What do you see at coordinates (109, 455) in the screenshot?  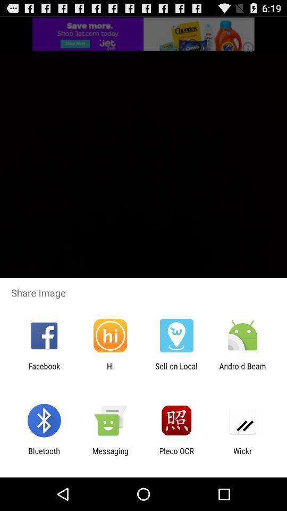 I see `messaging` at bounding box center [109, 455].